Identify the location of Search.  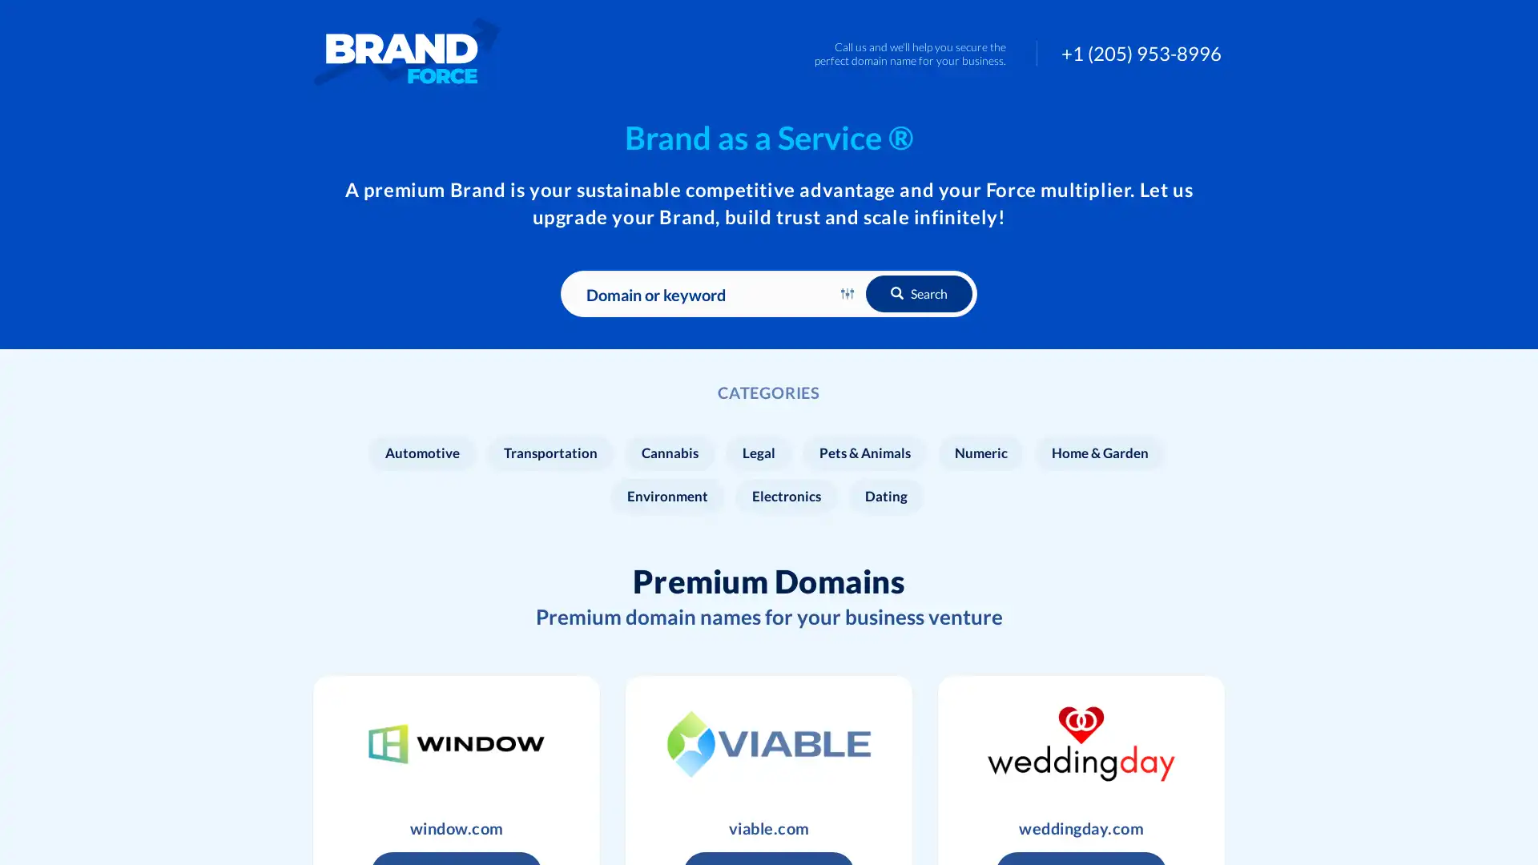
(919, 293).